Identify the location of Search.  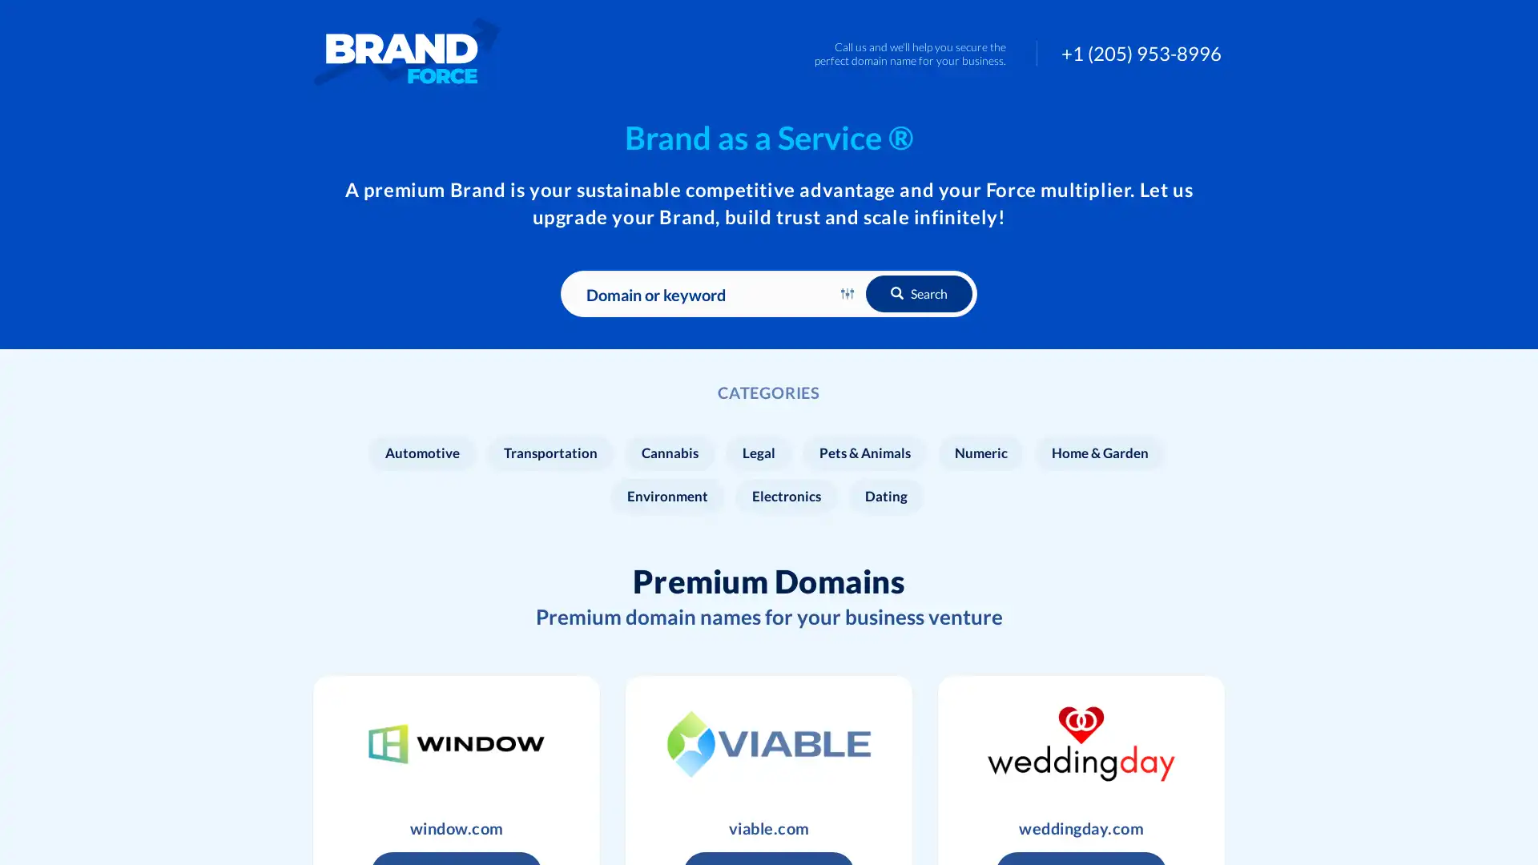
(919, 293).